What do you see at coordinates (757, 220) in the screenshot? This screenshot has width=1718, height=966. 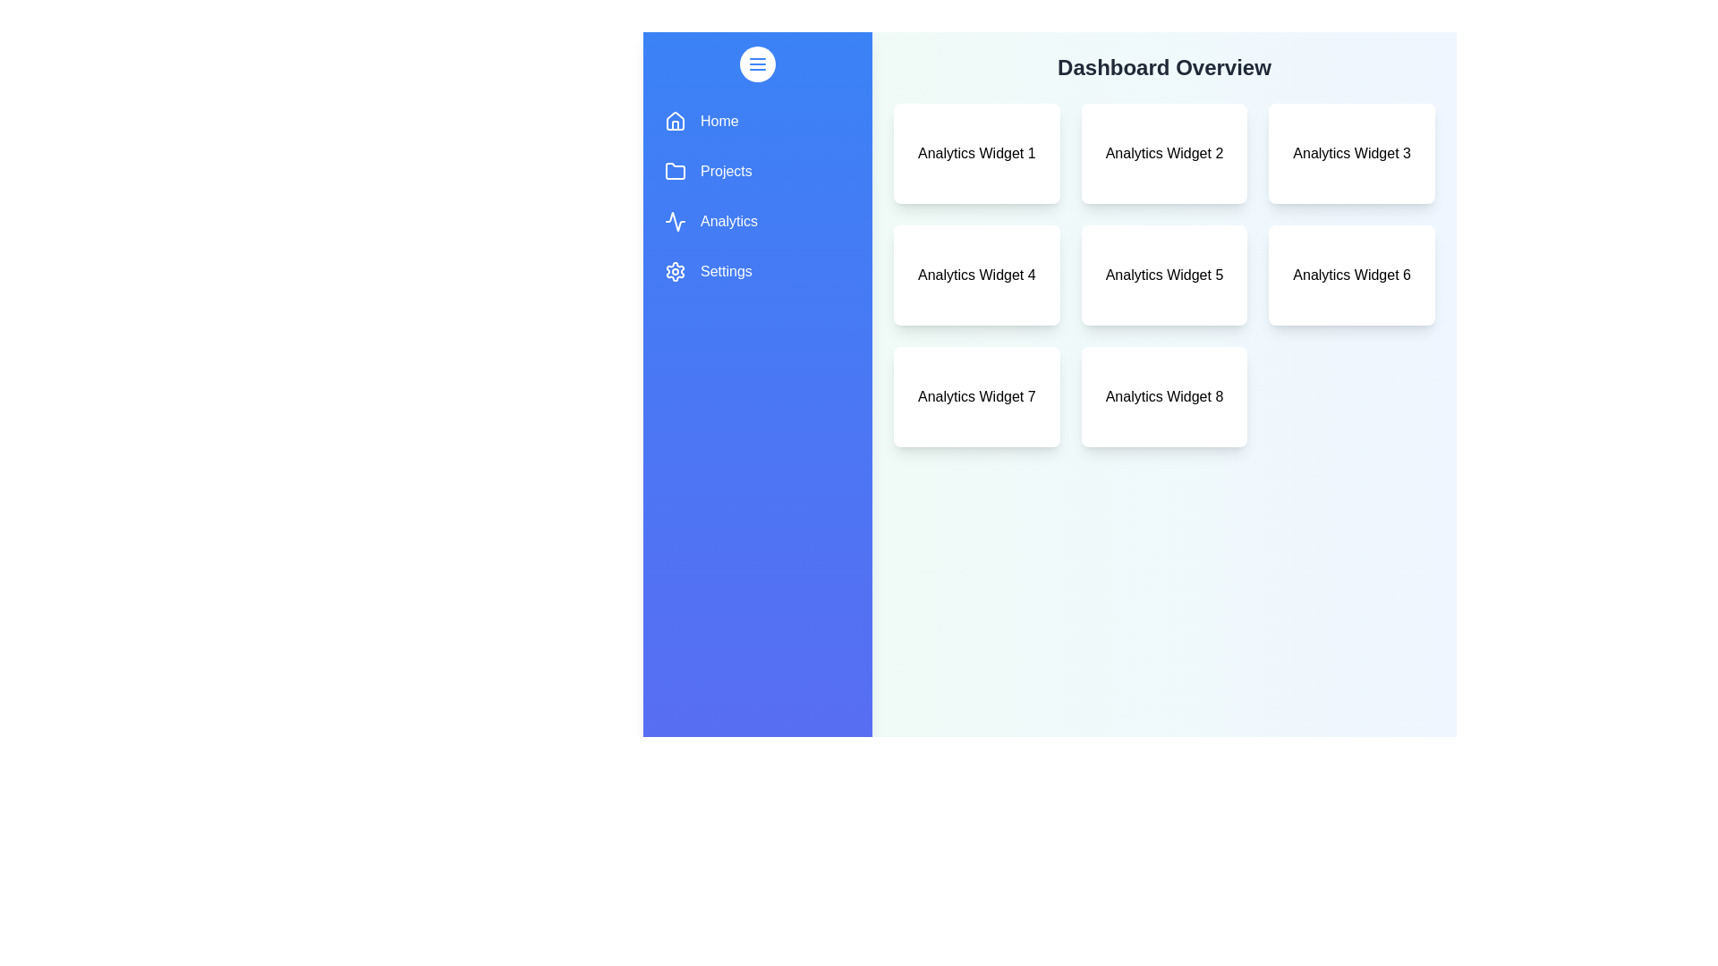 I see `the menu item Analytics from the drawer menu` at bounding box center [757, 220].